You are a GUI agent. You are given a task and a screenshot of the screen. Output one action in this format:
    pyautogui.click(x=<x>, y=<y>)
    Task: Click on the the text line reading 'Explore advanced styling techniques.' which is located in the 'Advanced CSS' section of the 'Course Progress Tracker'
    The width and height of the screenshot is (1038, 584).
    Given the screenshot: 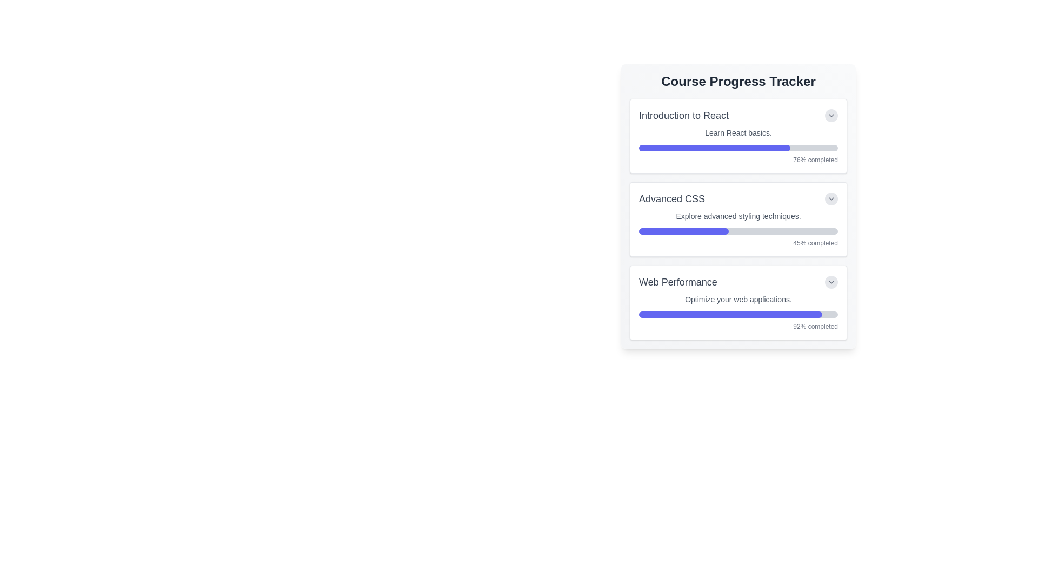 What is the action you would take?
    pyautogui.click(x=738, y=216)
    